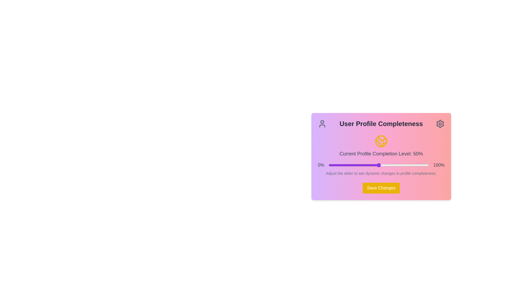  Describe the element at coordinates (439, 165) in the screenshot. I see `the text label displaying '100%' in gray font, located to the right of the horizontal slider bar at the bottom-right corner of the card-like layout` at that location.